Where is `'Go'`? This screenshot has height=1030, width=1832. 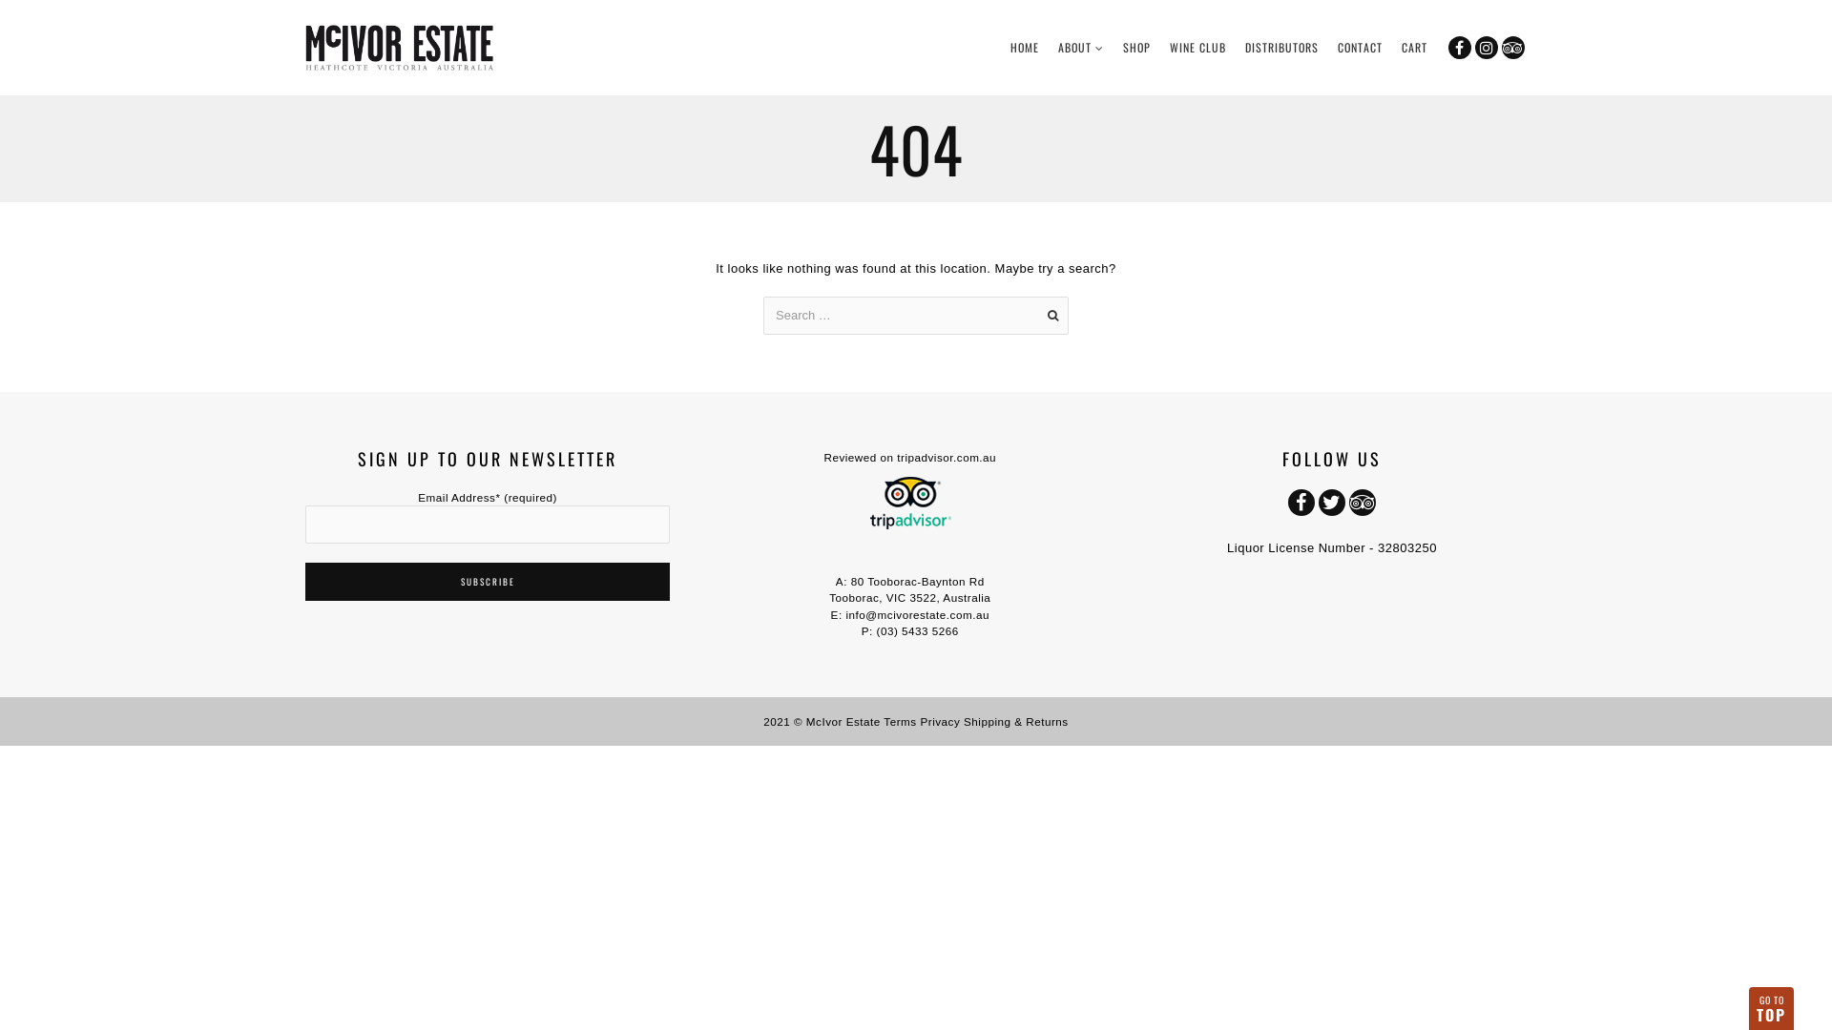 'Go' is located at coordinates (1034, 315).